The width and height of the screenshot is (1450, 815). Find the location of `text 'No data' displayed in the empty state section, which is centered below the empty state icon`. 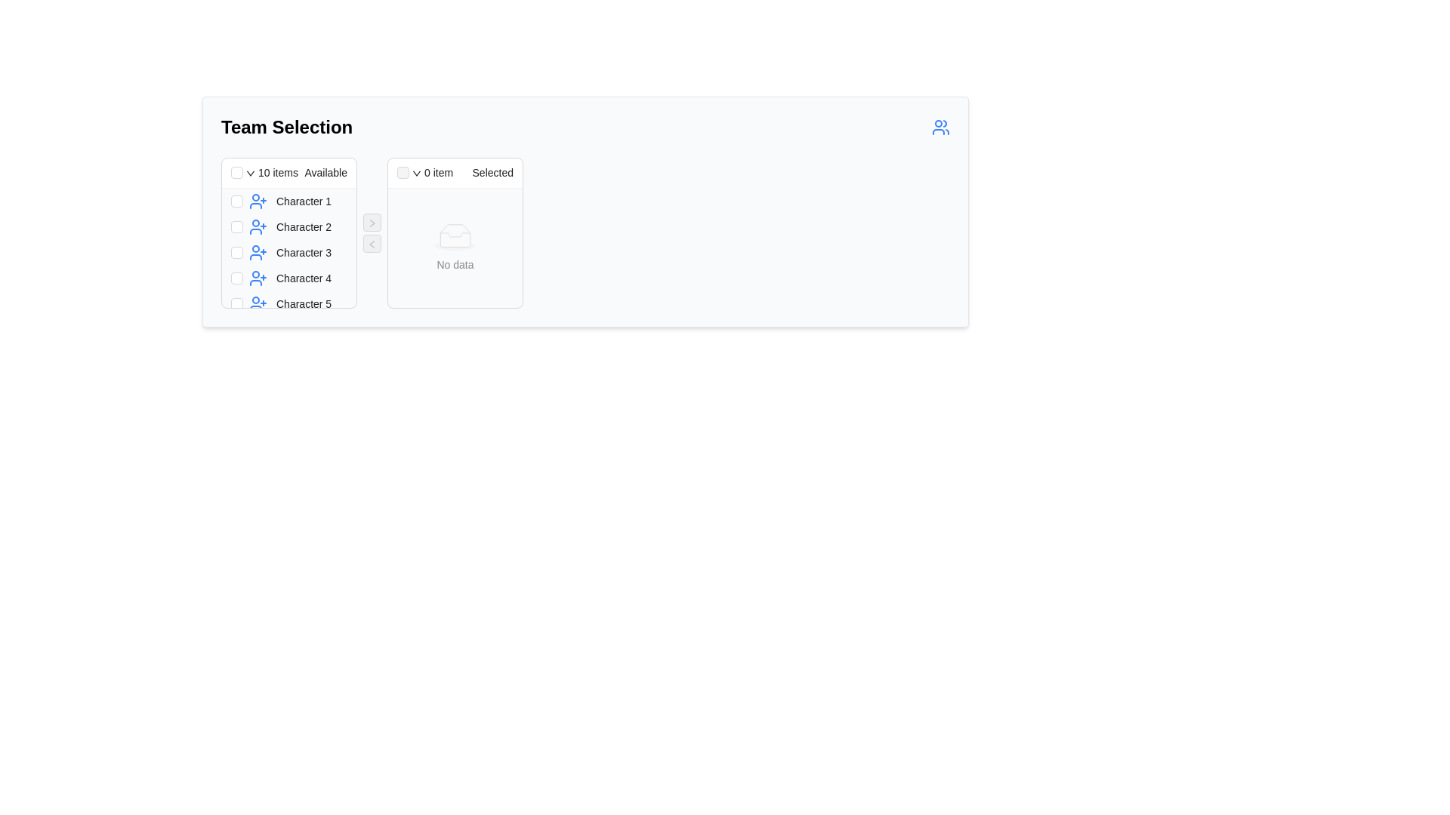

text 'No data' displayed in the empty state section, which is centered below the empty state icon is located at coordinates (455, 263).